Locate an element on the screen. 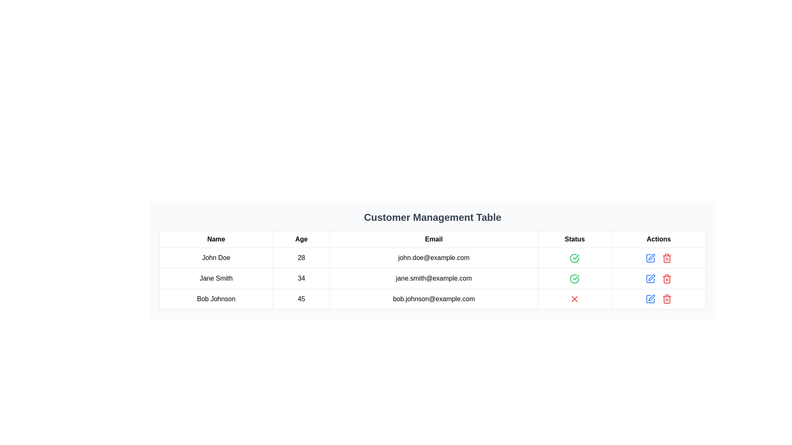 The height and width of the screenshot is (445, 792). the email address element displayed in the third column of the second row of the user information table, aligned with 'Jane Smith' is located at coordinates (433, 278).